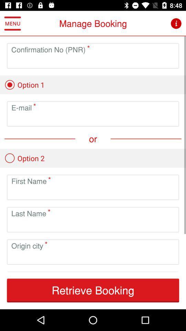 The image size is (186, 331). Describe the element at coordinates (33, 105) in the screenshot. I see `asterick symbol in first text field below option 1` at that location.